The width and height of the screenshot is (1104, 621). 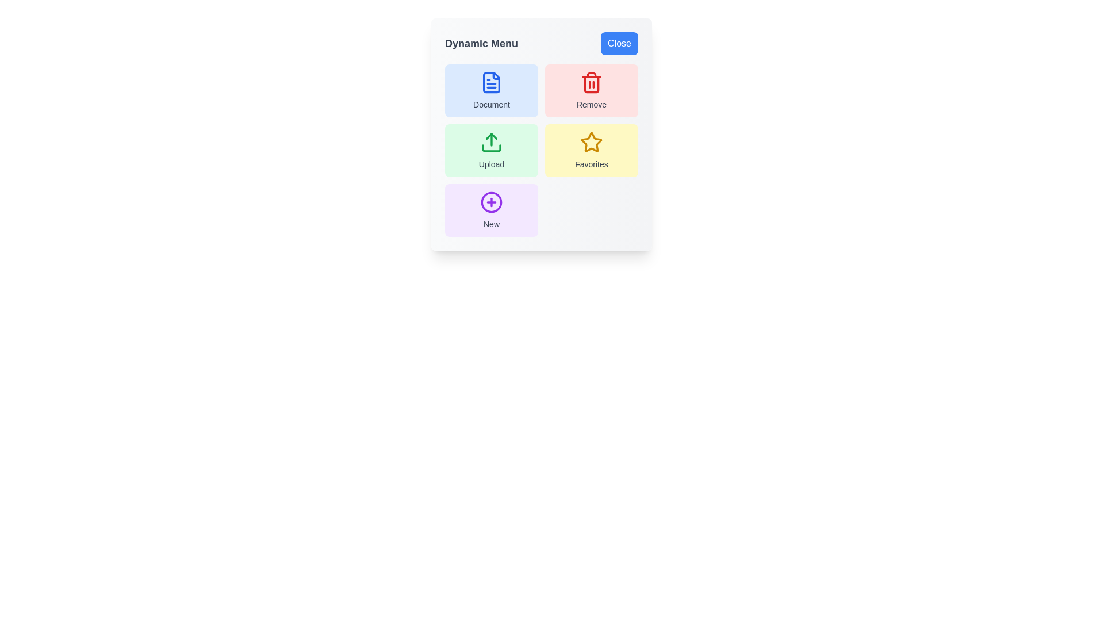 I want to click on text from the label containing the word 'New', which is styled in gray and located below a large purple circular icon with a plus sign, so click(x=491, y=224).